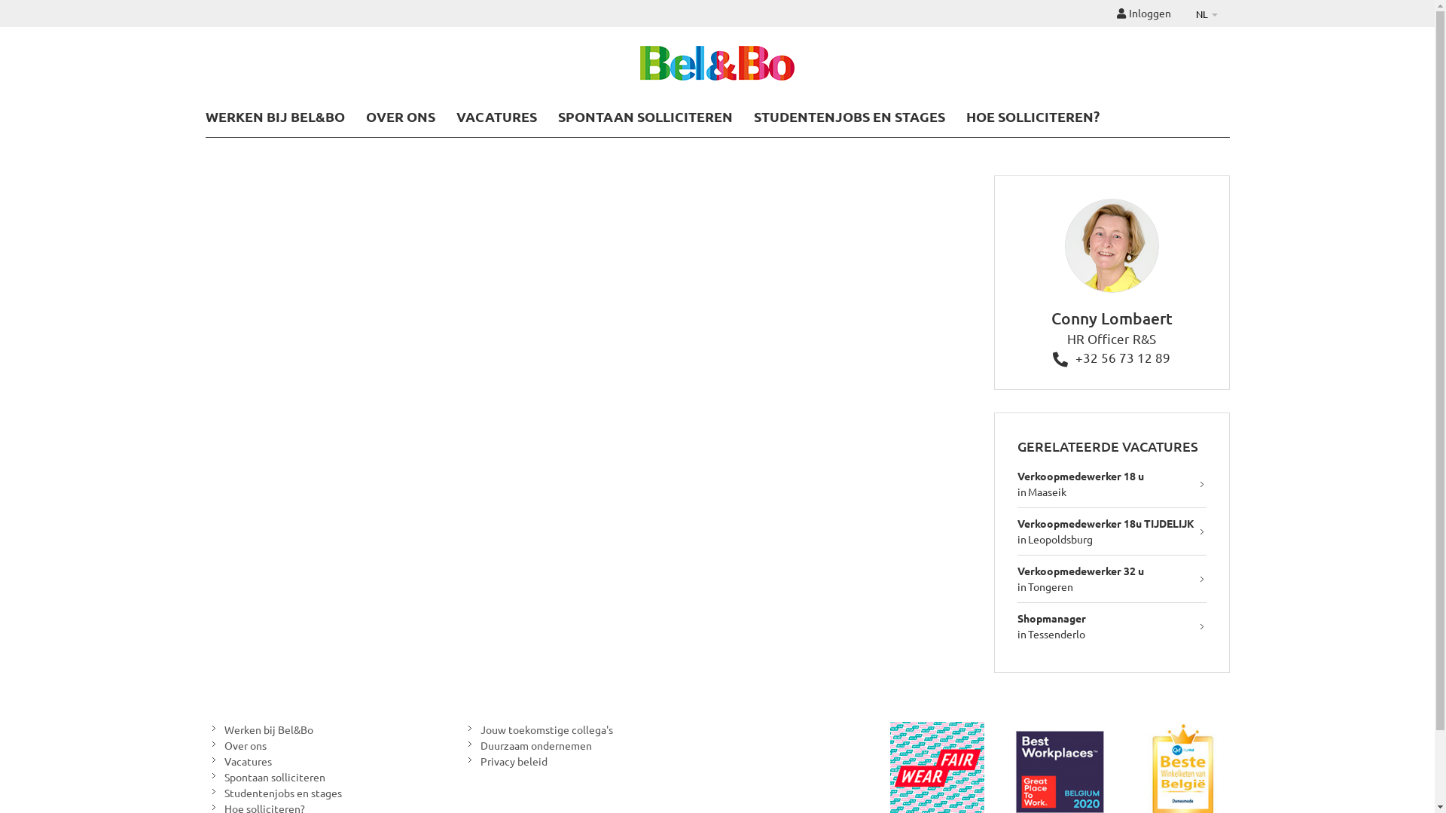  I want to click on 'VACATURES', so click(455, 115).